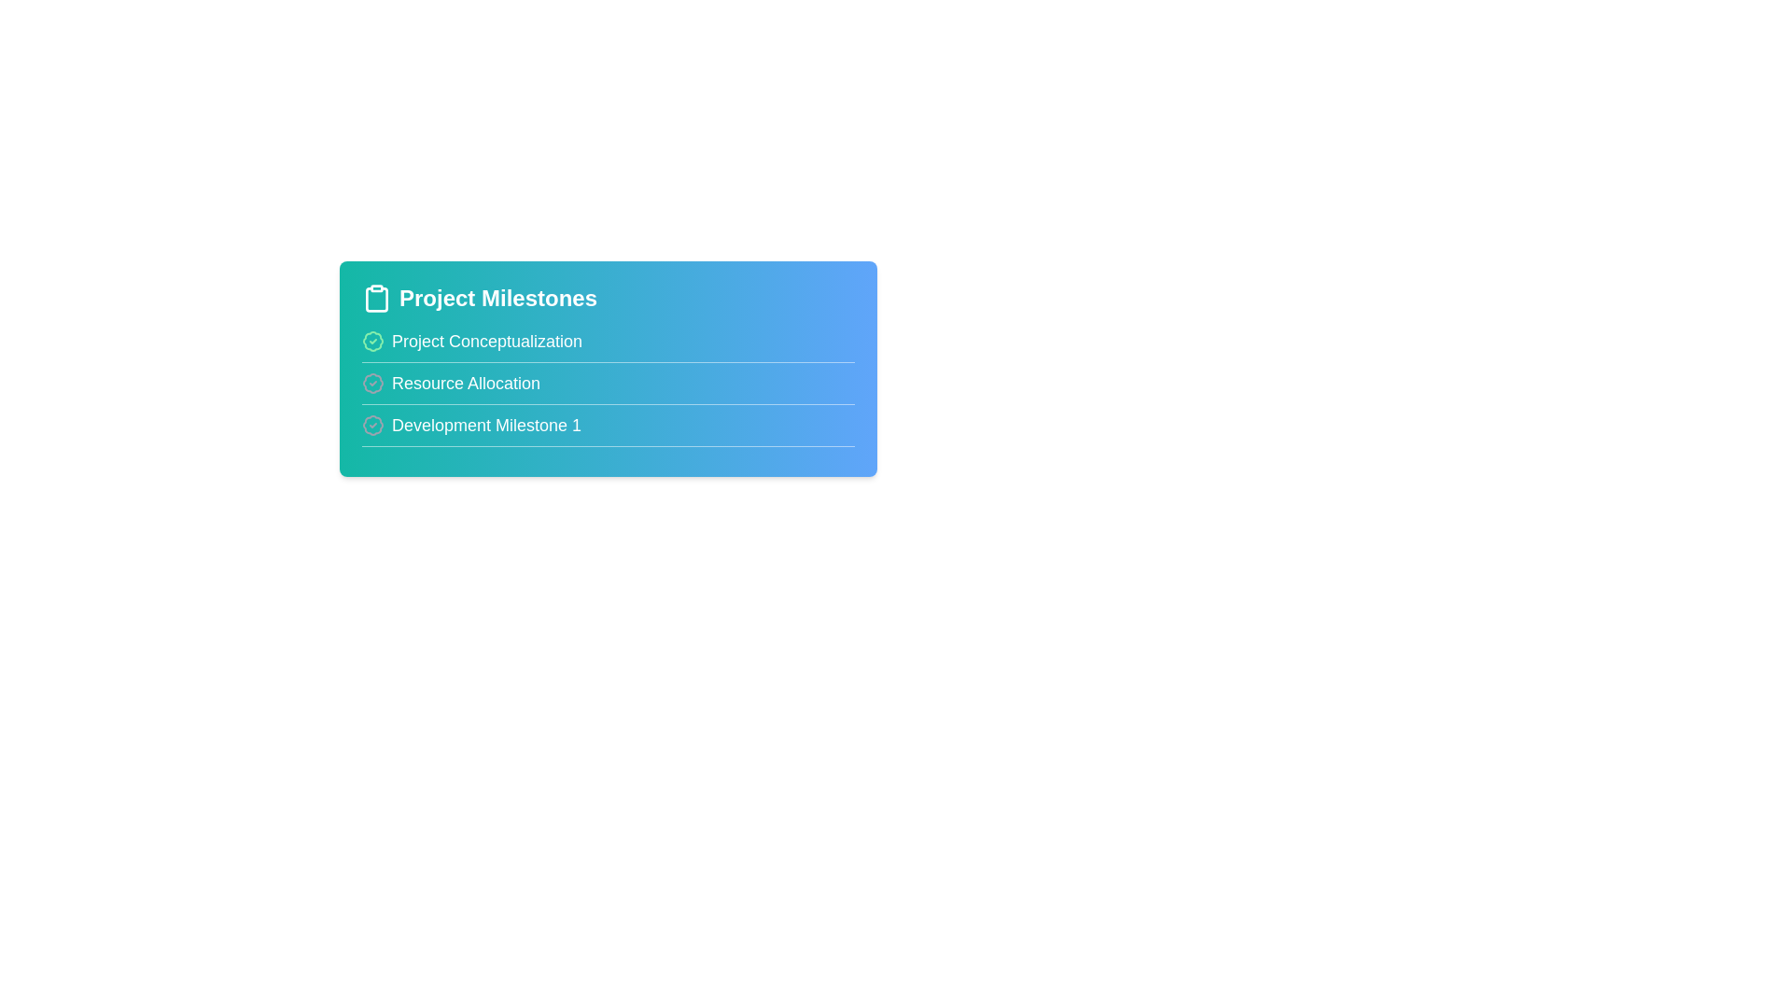 Image resolution: width=1792 pixels, height=1008 pixels. I want to click on the clipboard icon to copy milestone data, so click(375, 298).